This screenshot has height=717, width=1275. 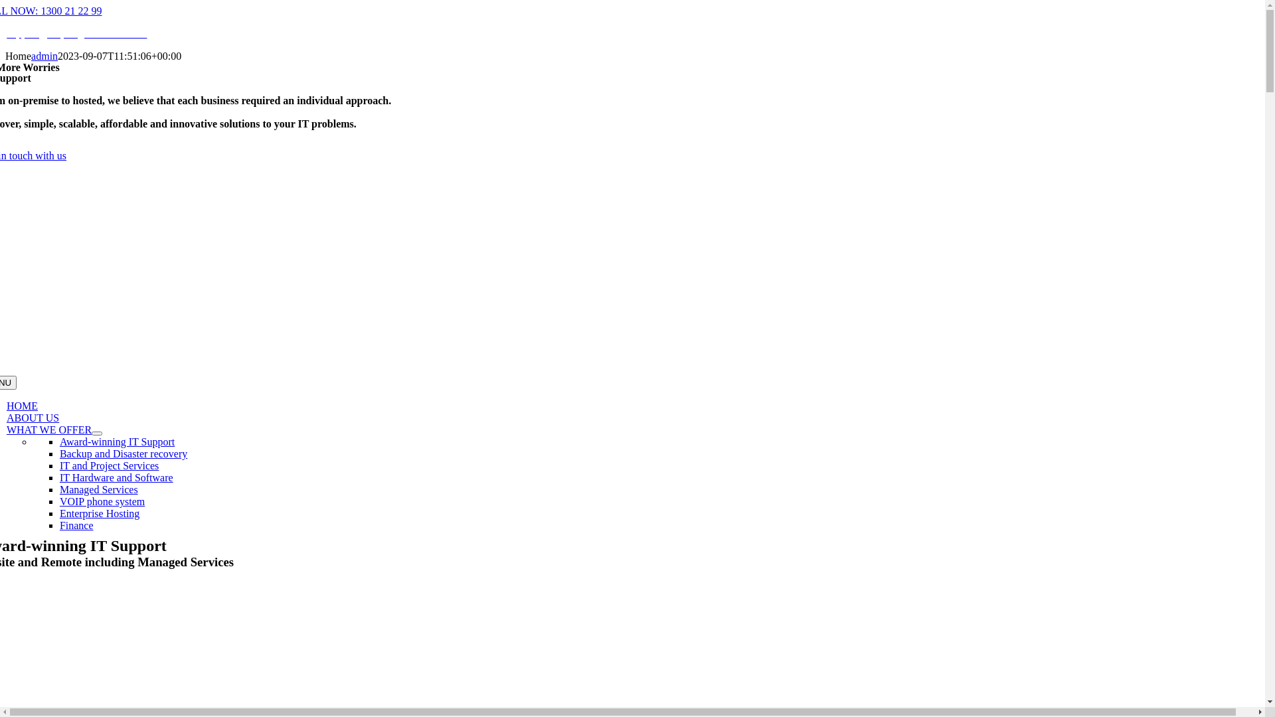 I want to click on 'VOIP phone system', so click(x=101, y=501).